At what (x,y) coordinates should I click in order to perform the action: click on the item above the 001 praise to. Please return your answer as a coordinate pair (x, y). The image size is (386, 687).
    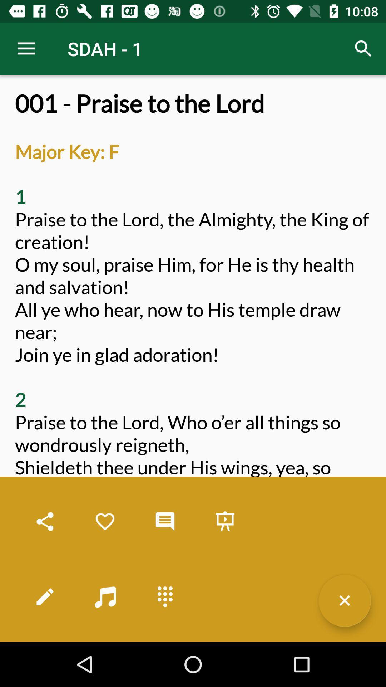
    Looking at the image, I should click on (26, 48).